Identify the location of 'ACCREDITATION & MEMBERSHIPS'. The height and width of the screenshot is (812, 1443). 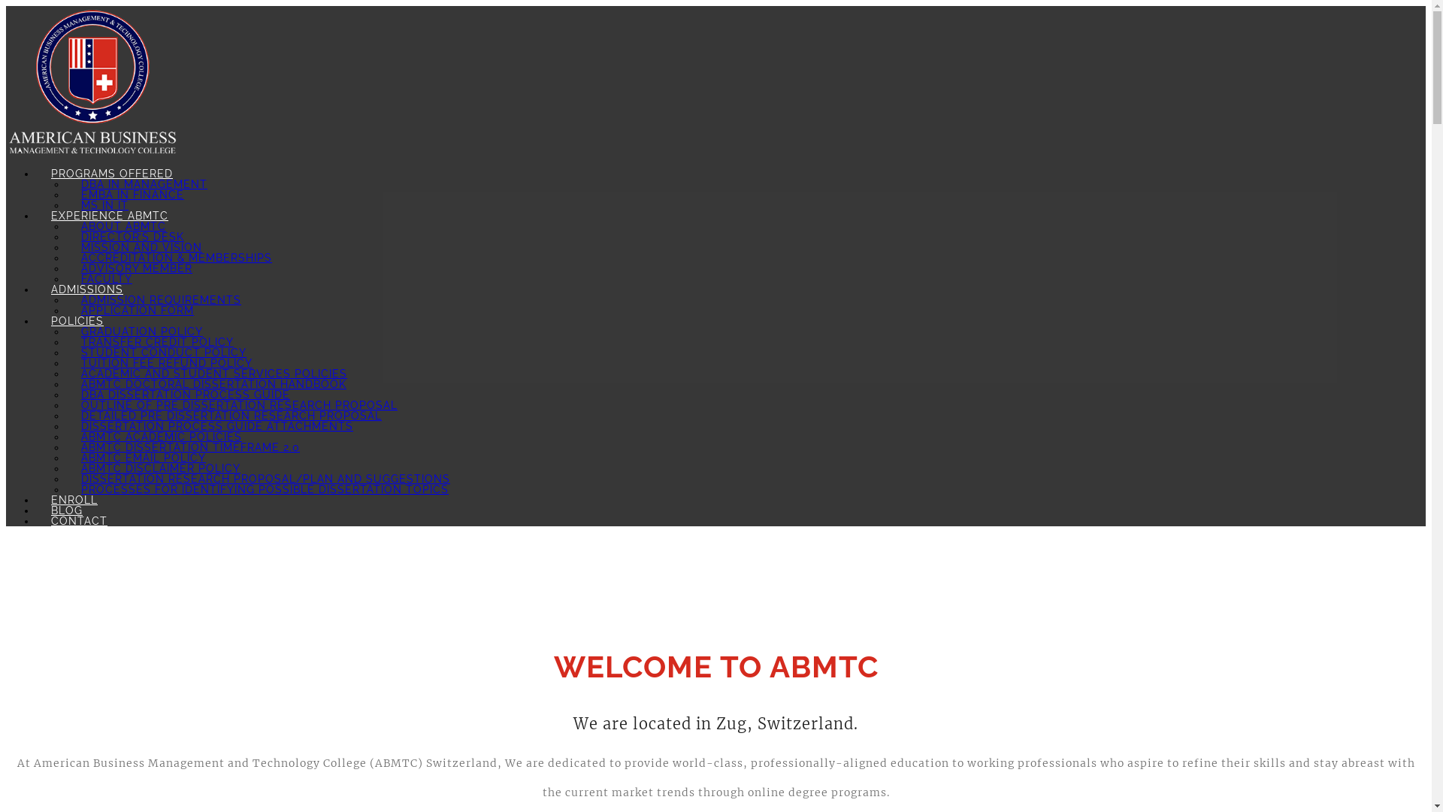
(177, 257).